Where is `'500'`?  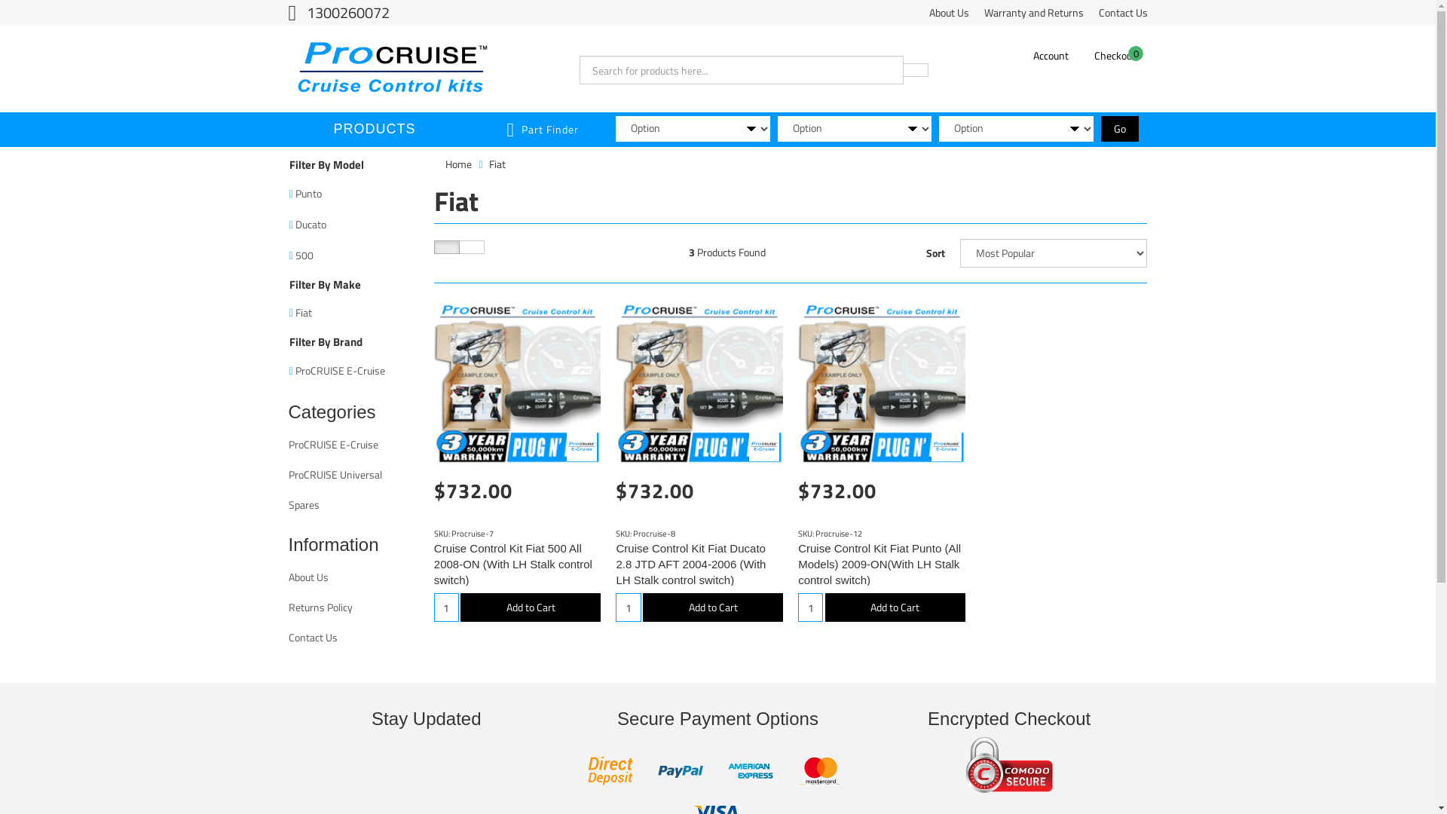
'500' is located at coordinates (353, 254).